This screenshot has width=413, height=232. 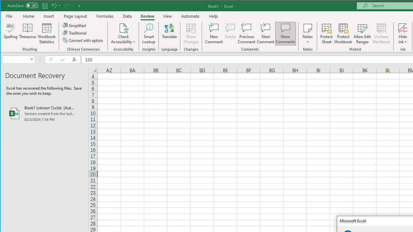 I want to click on 'Home', so click(x=28, y=16).